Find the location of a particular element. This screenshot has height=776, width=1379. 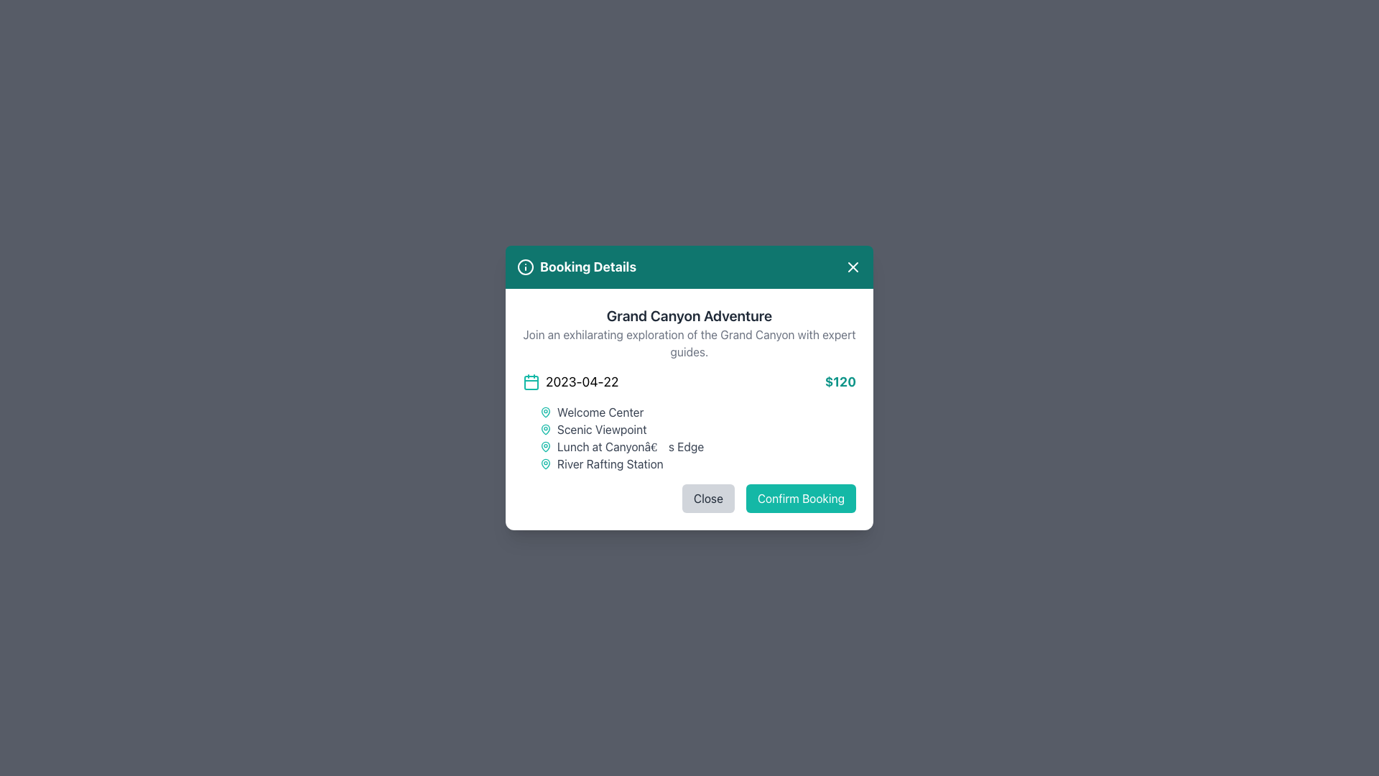

the 'Scenic Viewpoint' icon, which is the second entry in the location list within the content box, to visually represent its location in the booking details is located at coordinates (544, 428).